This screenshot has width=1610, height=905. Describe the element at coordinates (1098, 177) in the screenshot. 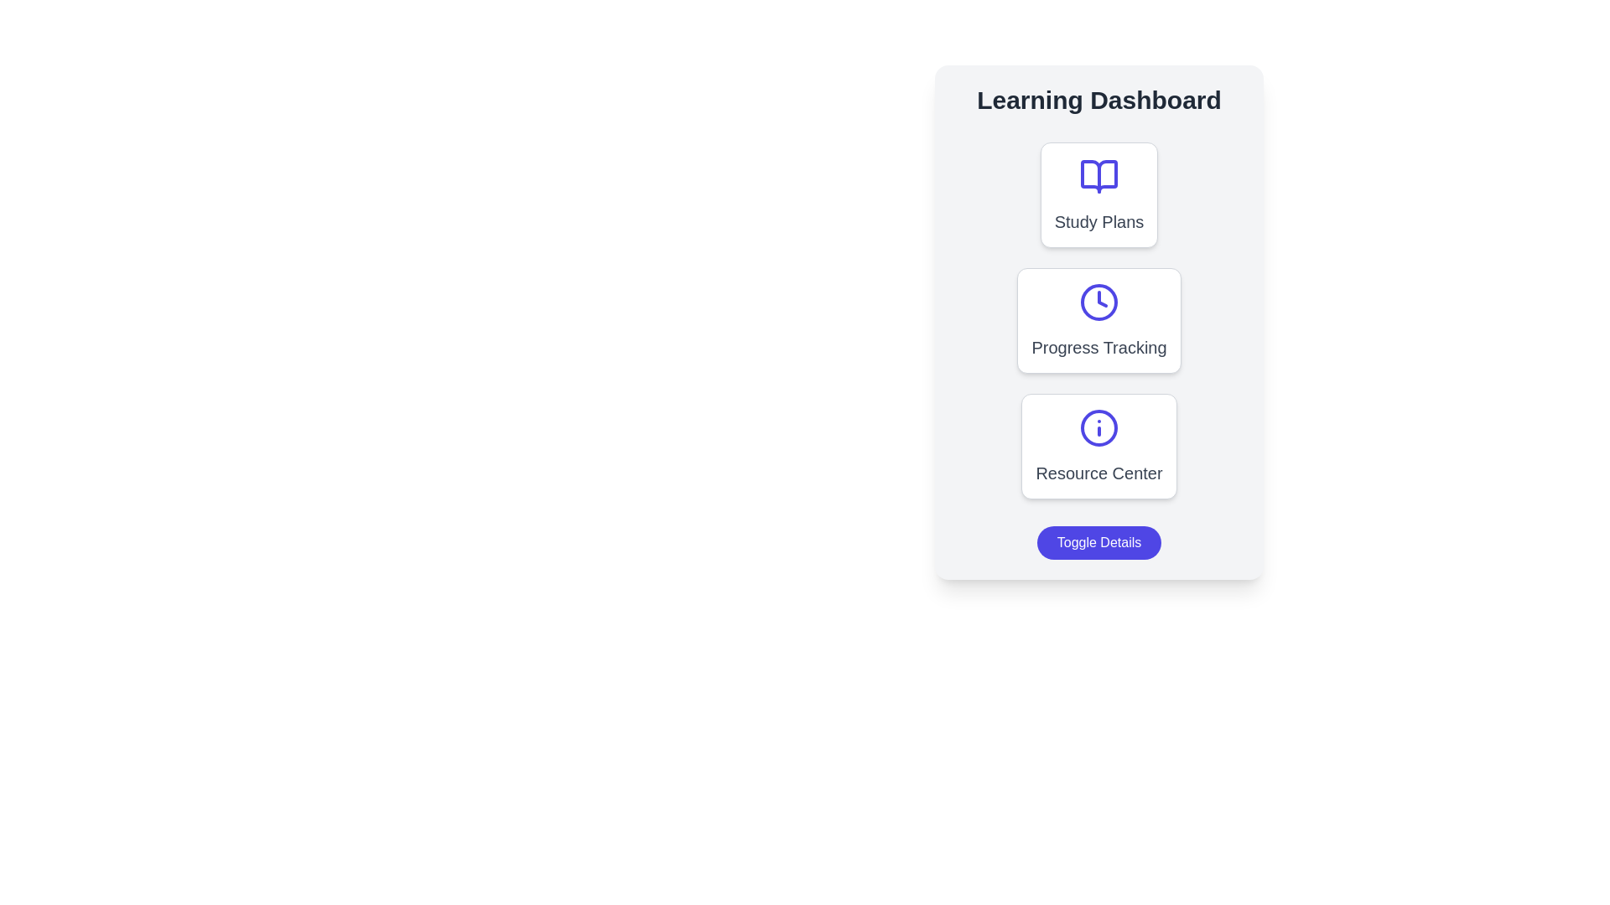

I see `the stylized open book symbol within the 'Study Plans' icon, located at the upper section of the card labeled 'Study Plans'` at that location.